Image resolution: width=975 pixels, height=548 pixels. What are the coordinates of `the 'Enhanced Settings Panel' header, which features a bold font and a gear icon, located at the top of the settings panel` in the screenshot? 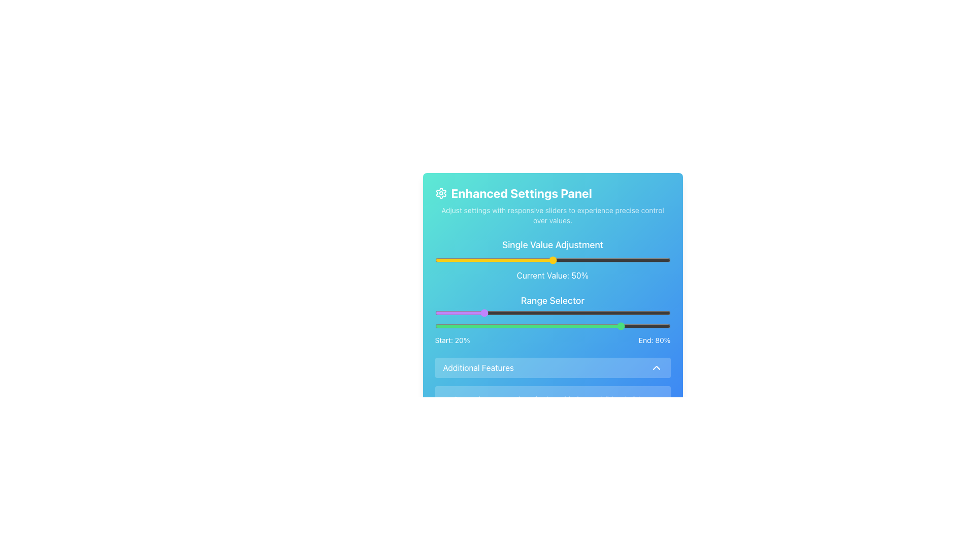 It's located at (552, 193).